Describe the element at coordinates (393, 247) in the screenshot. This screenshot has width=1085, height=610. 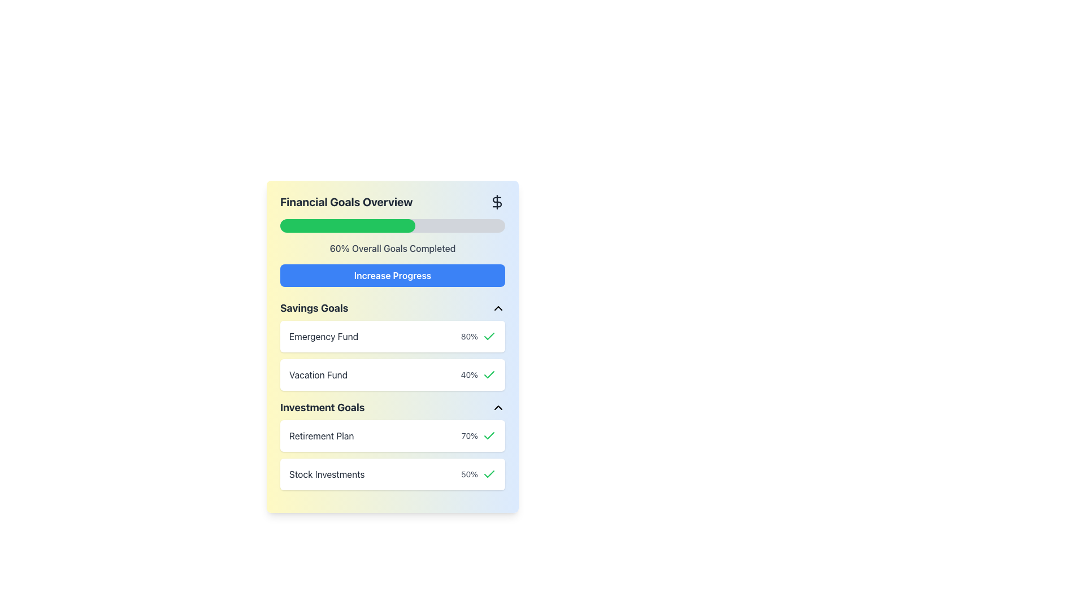
I see `Static Text Label displaying '60% Overall Goals Completed', which is centered in the 'Financial Goals Overview' section, located below the progress bar and above the 'Increase Progress' button` at that location.